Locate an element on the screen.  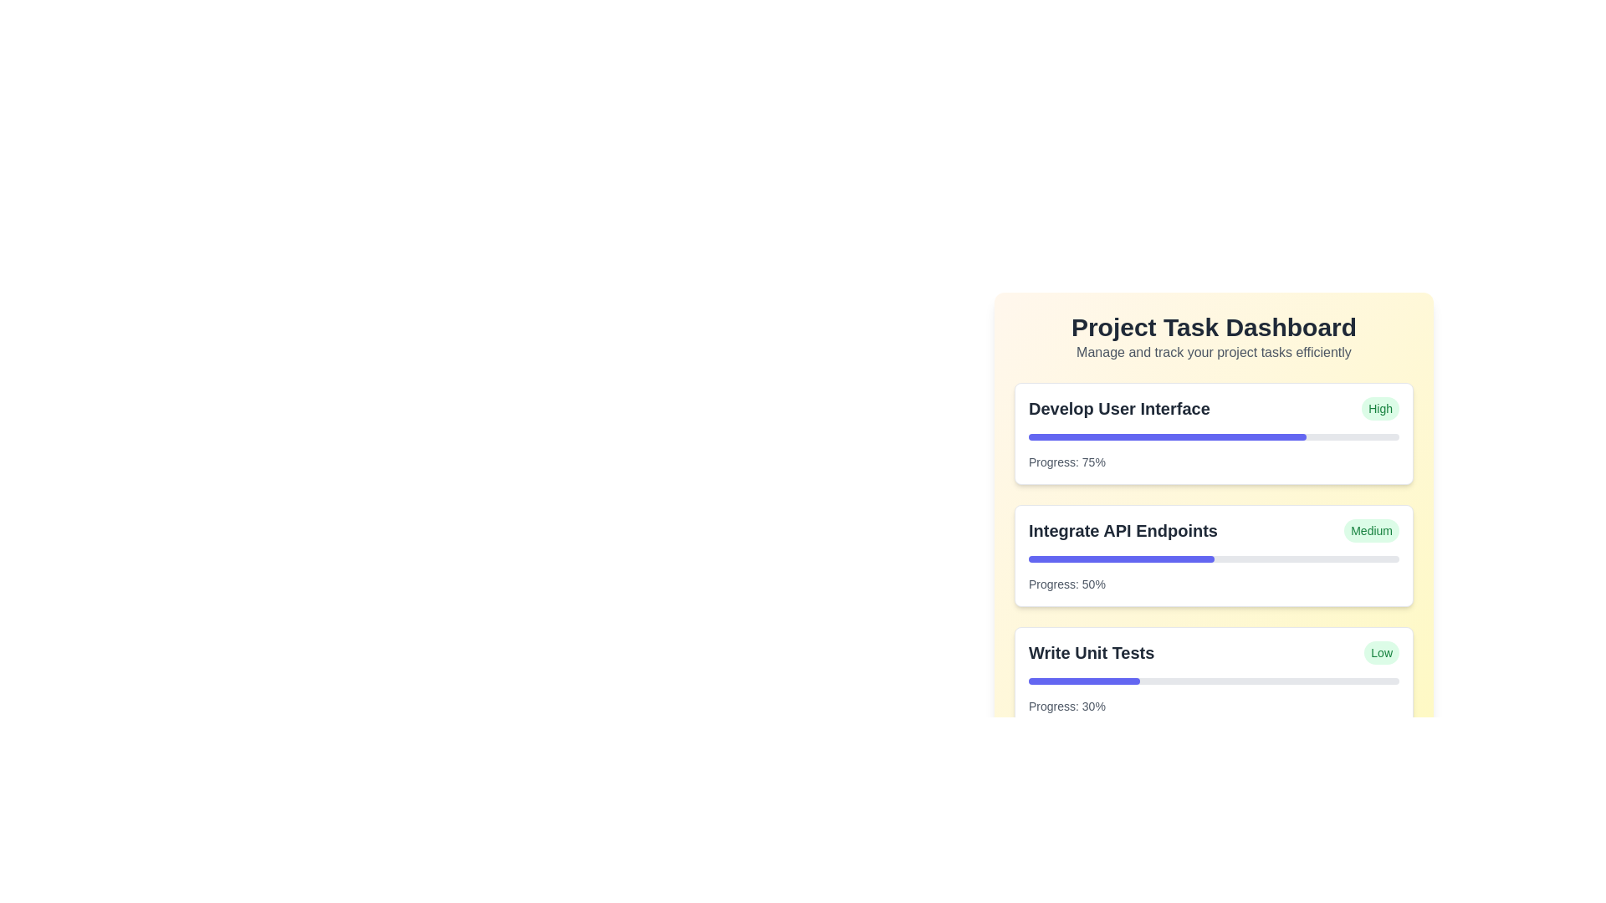
the Progress Bar (Segment) representing 50% completion of the task 'Integrate API Endpoints' in the second card of the project dashboard is located at coordinates (1121, 559).